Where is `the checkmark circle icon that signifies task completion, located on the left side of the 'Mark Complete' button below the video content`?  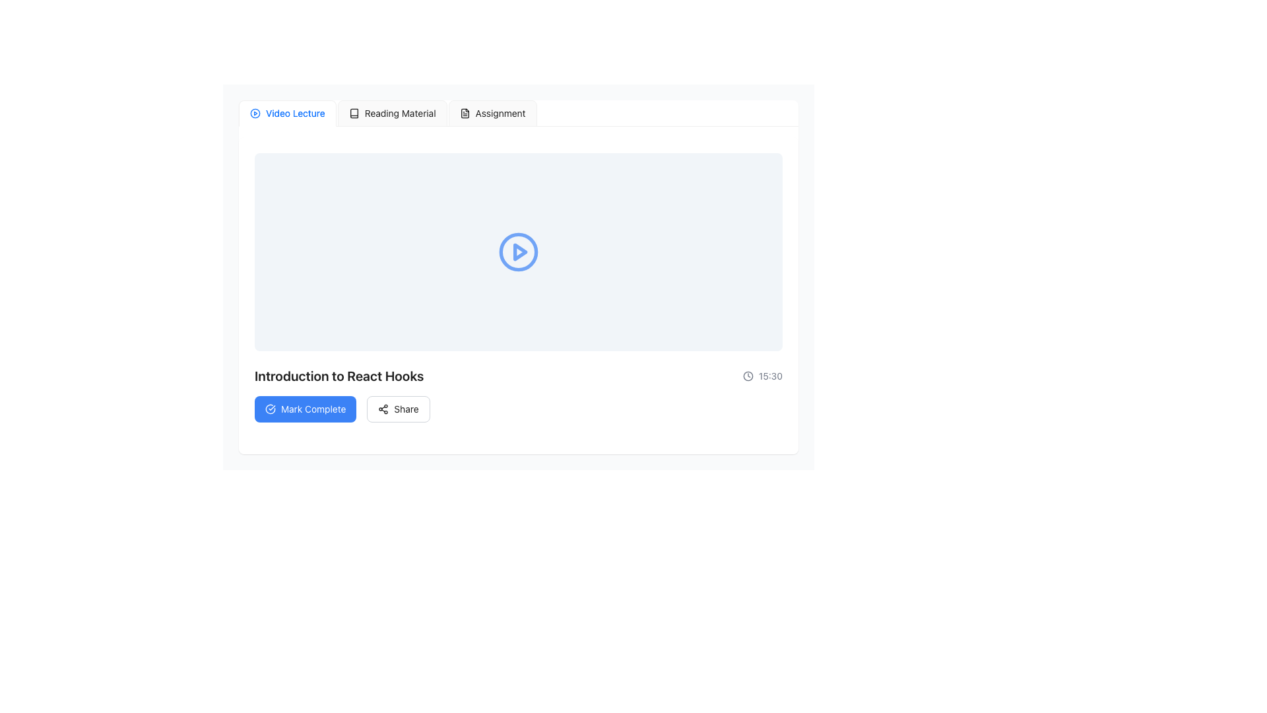
the checkmark circle icon that signifies task completion, located on the left side of the 'Mark Complete' button below the video content is located at coordinates (269, 409).